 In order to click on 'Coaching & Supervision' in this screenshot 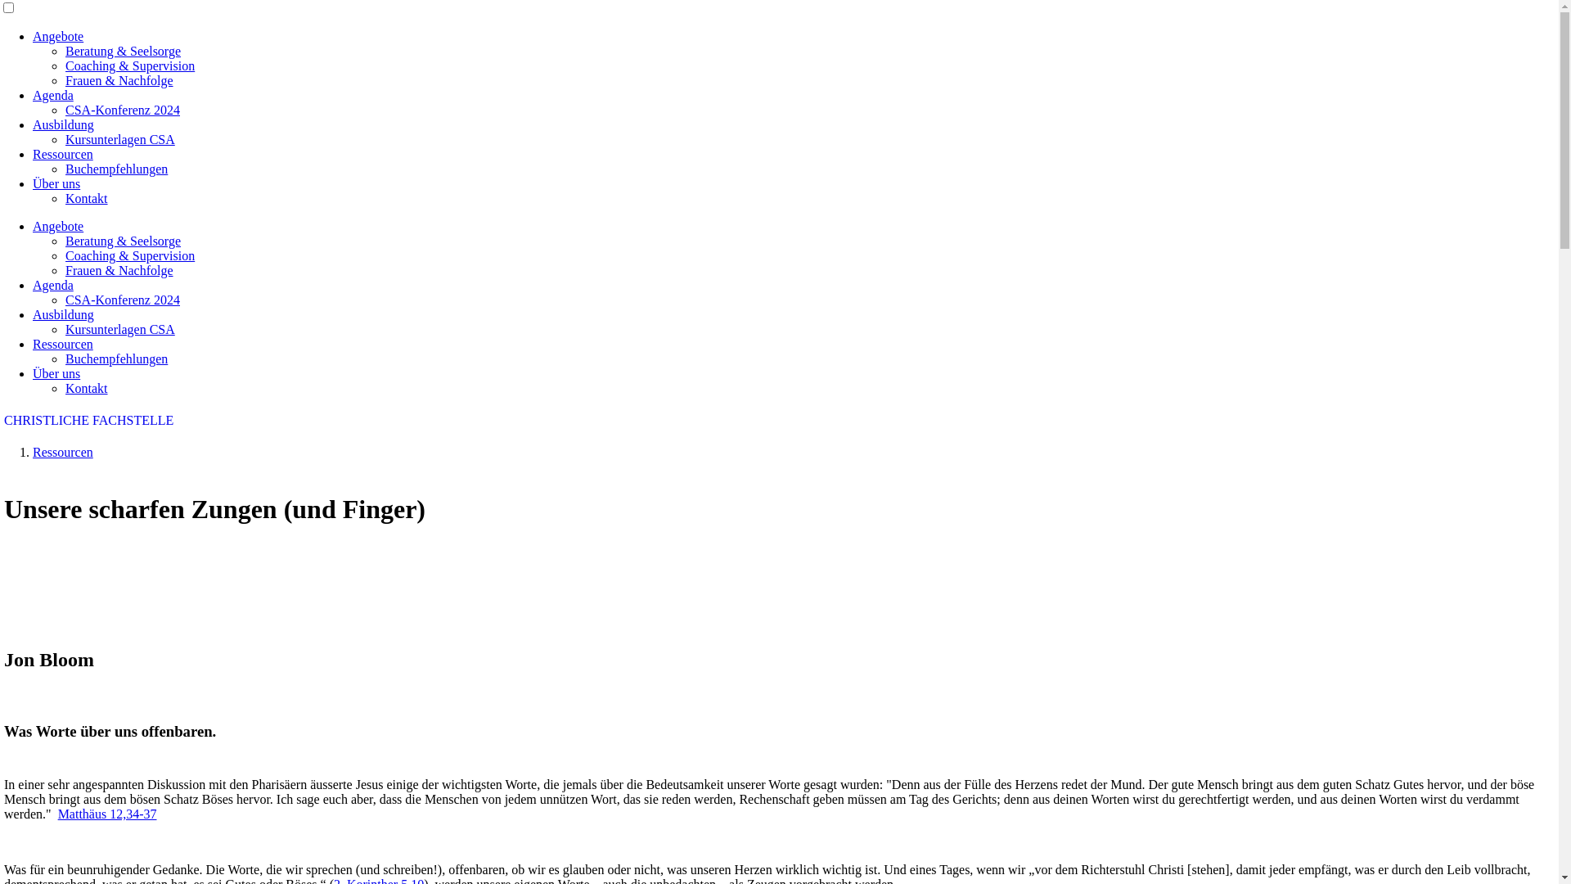, I will do `click(65, 65)`.